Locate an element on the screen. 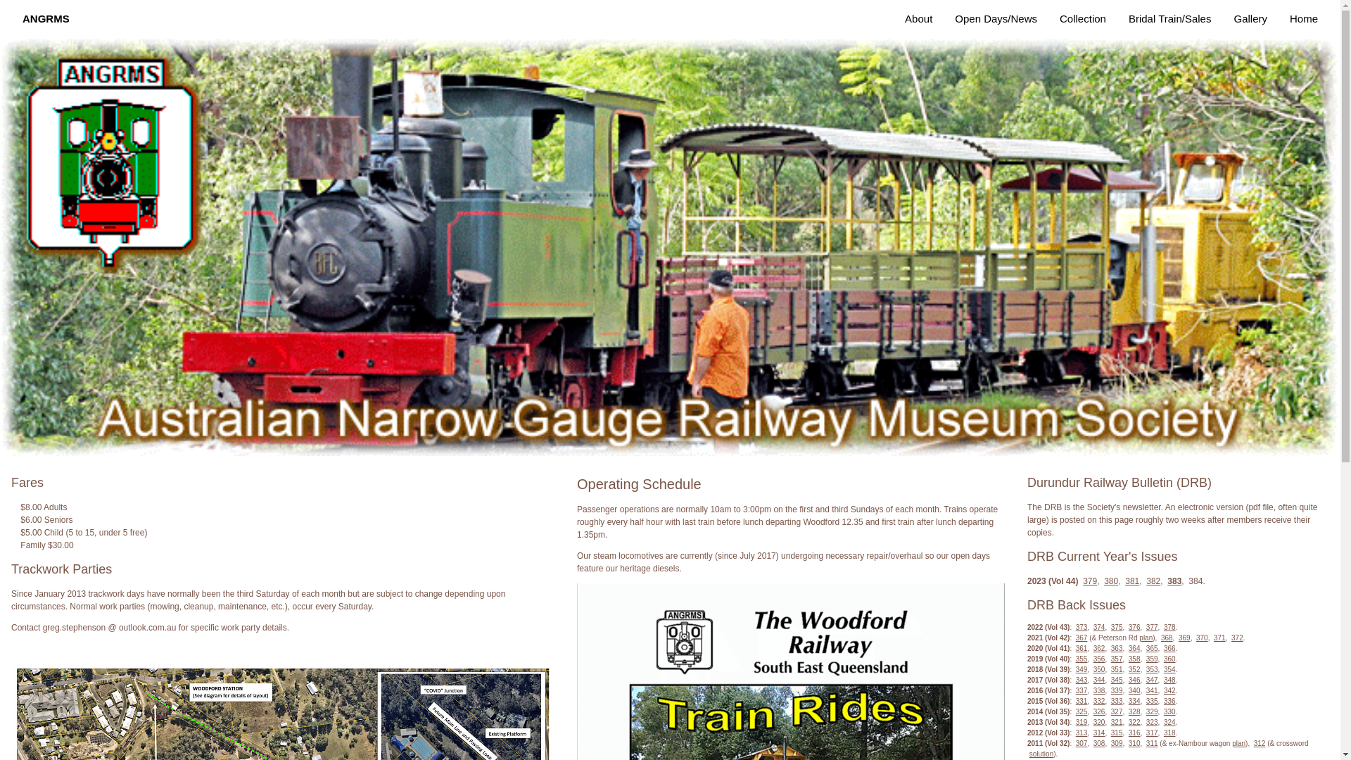 The image size is (1351, 760). '370' is located at coordinates (1195, 638).